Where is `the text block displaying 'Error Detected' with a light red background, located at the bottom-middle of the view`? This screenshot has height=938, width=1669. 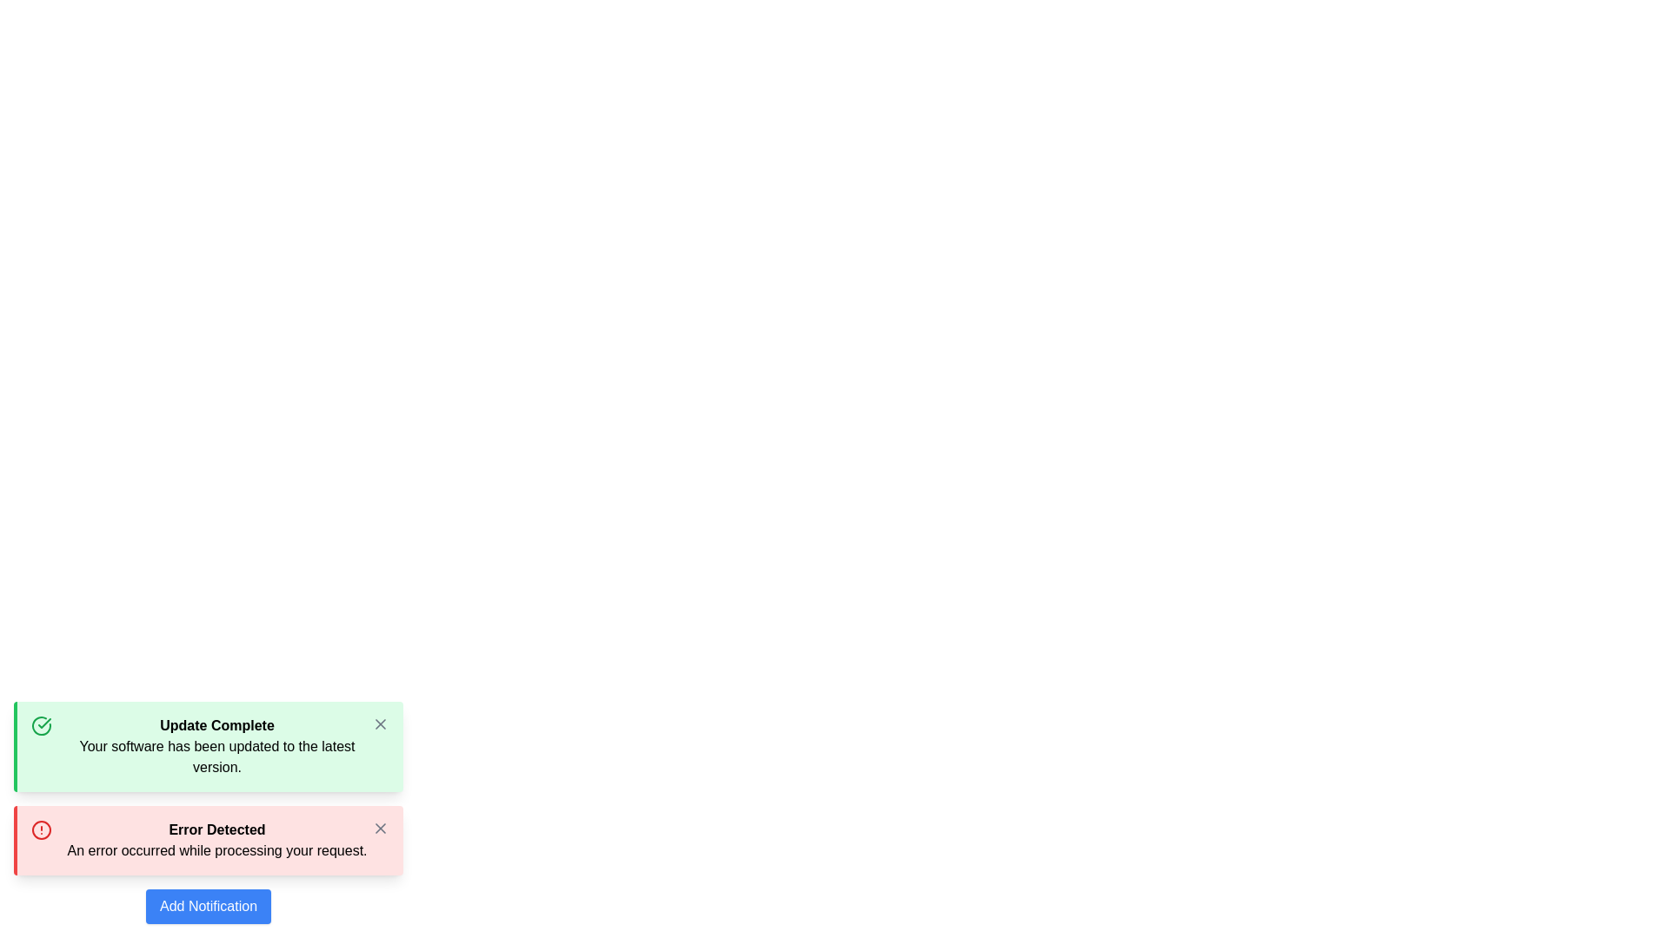 the text block displaying 'Error Detected' with a light red background, located at the bottom-middle of the view is located at coordinates (216, 840).